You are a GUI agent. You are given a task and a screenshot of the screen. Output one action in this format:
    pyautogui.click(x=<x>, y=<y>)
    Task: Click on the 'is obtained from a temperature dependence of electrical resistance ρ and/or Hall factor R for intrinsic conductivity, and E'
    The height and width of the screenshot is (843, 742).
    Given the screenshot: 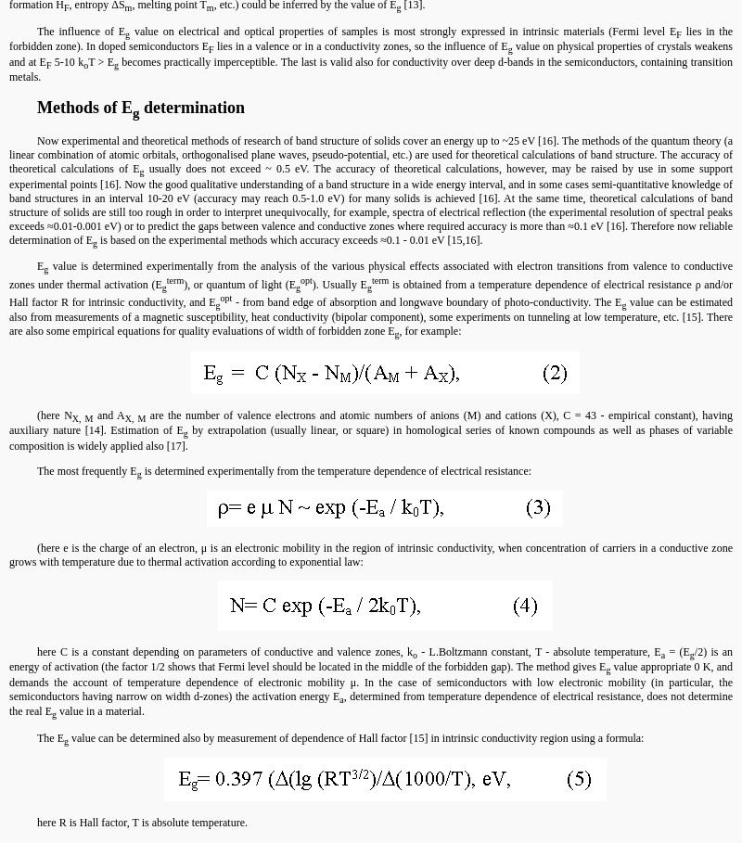 What is the action you would take?
    pyautogui.click(x=9, y=291)
    